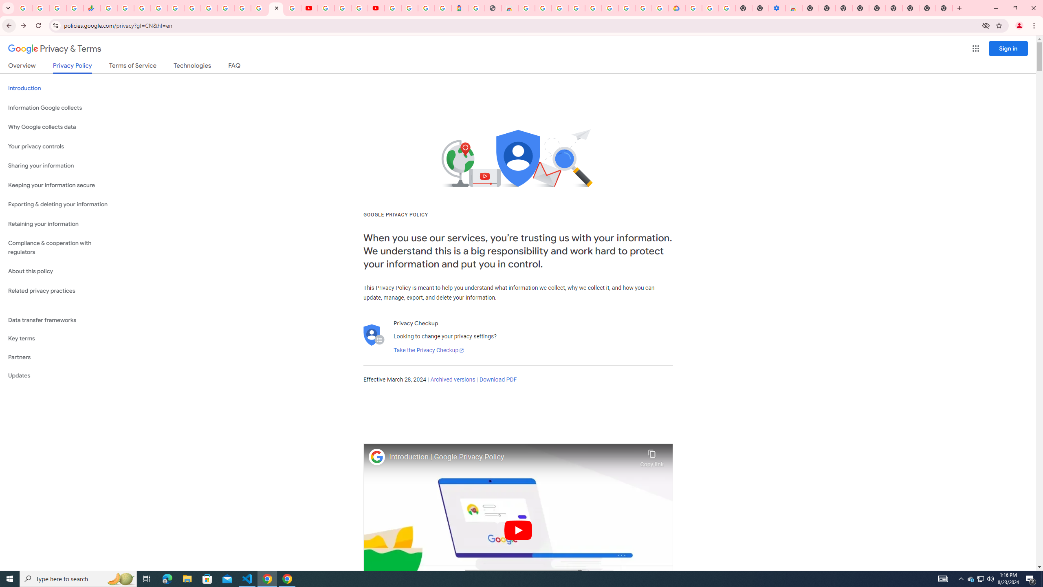  Describe the element at coordinates (192, 67) in the screenshot. I see `'Technologies'` at that location.